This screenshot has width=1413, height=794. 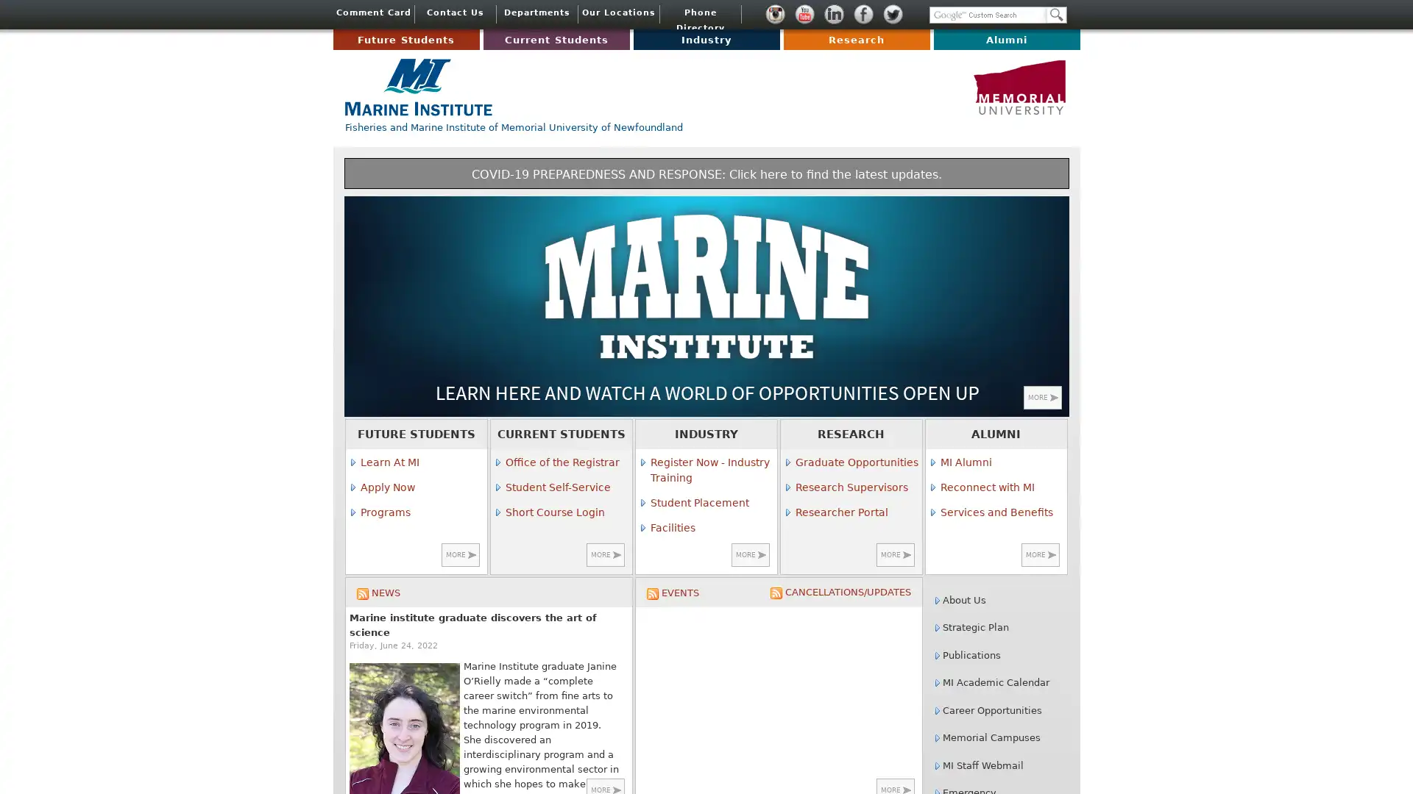 What do you see at coordinates (1055, 15) in the screenshot?
I see `Search` at bounding box center [1055, 15].